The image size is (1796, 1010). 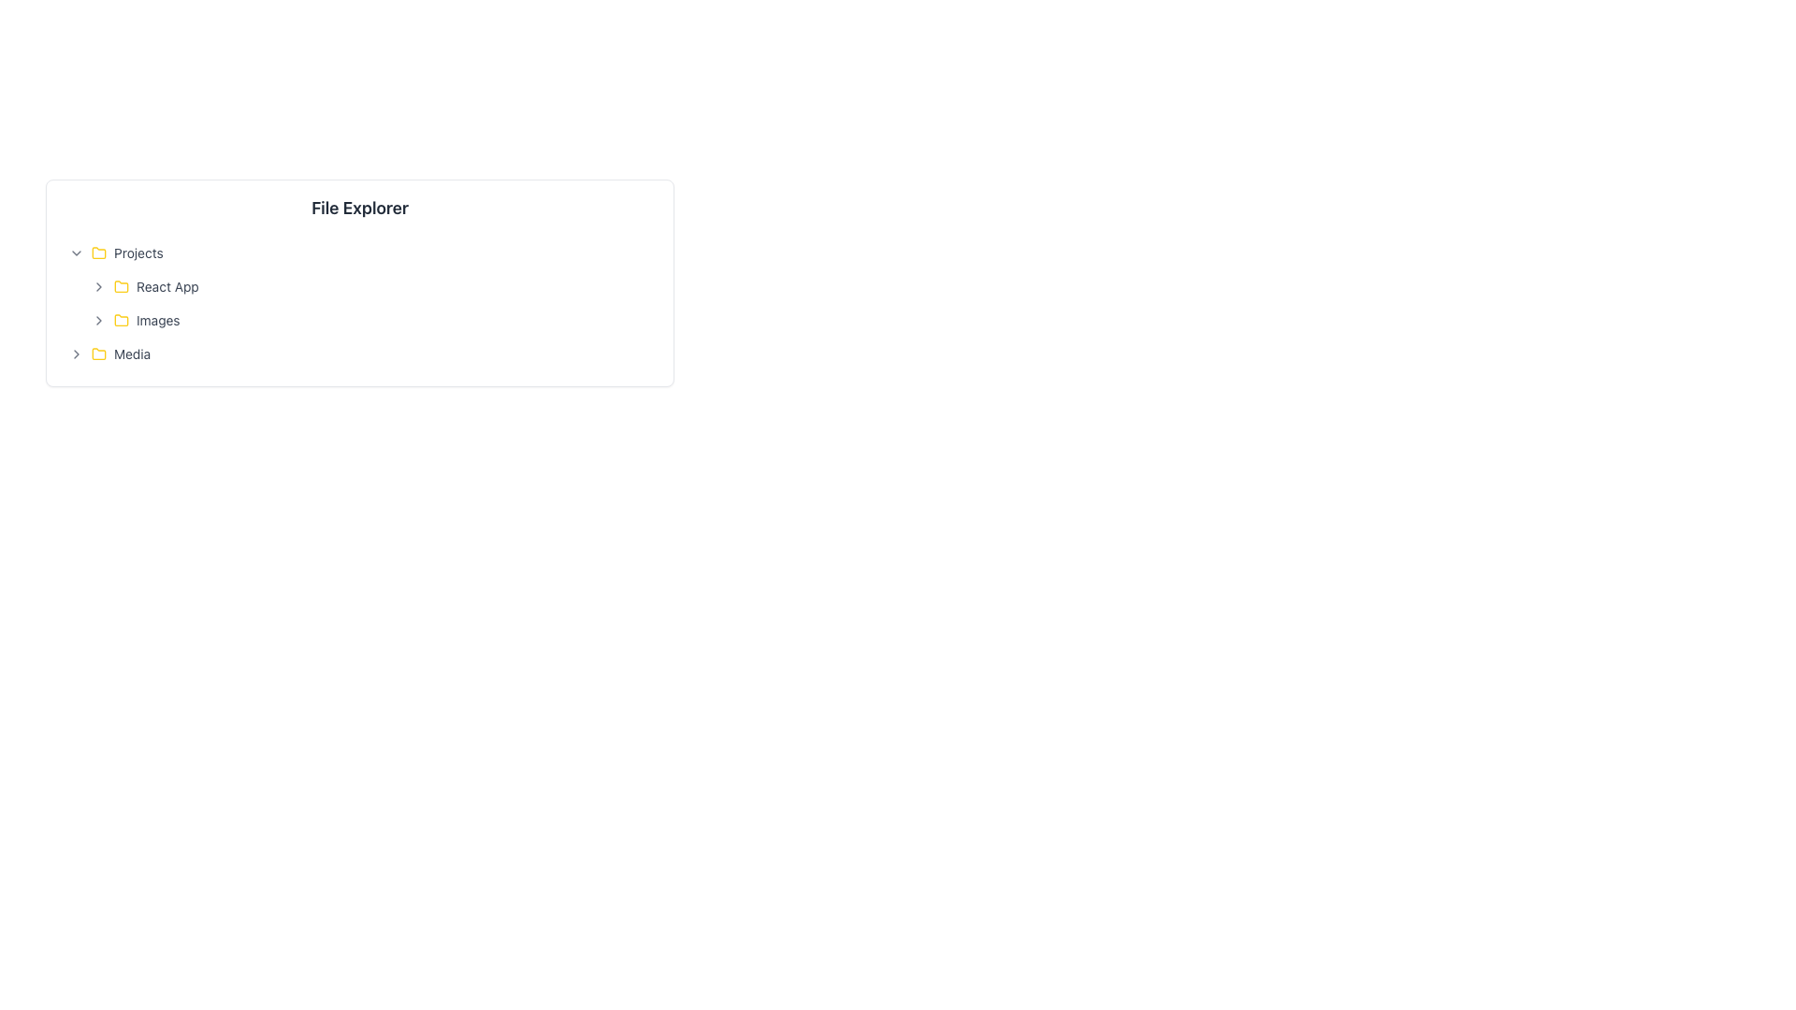 What do you see at coordinates (97, 287) in the screenshot?
I see `the Chevron icon used for navigation` at bounding box center [97, 287].